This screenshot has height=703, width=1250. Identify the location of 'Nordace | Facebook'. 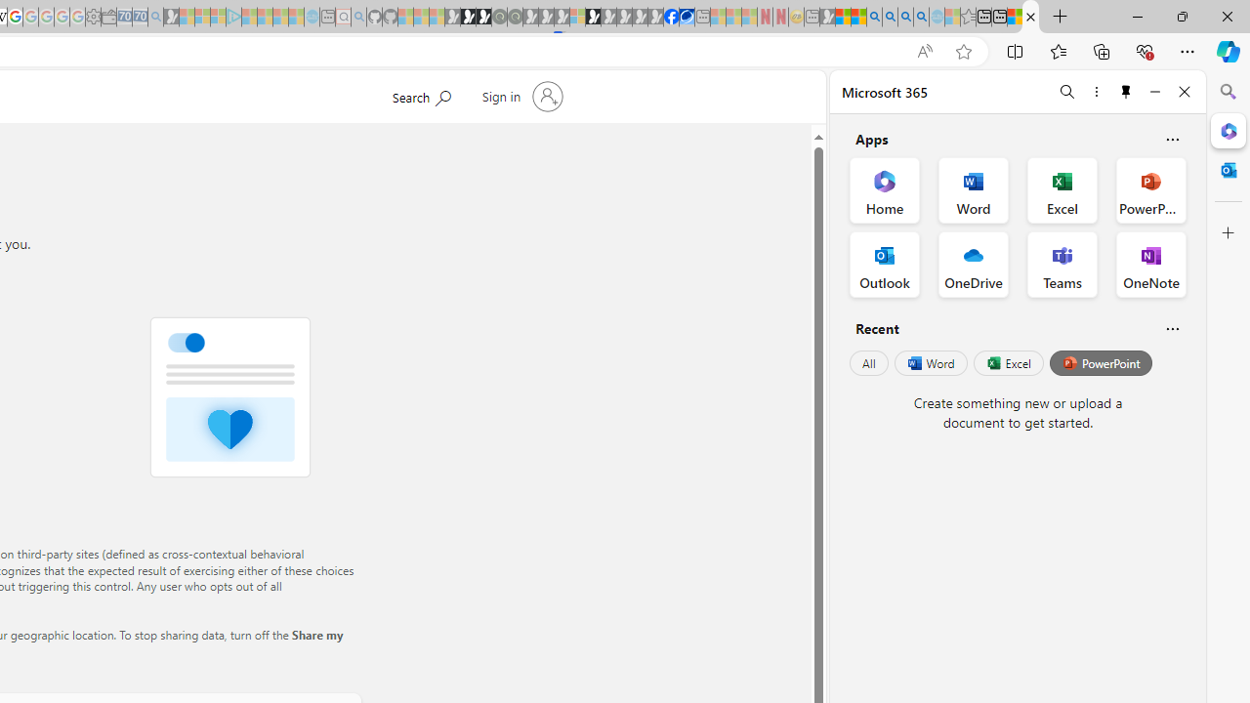
(671, 17).